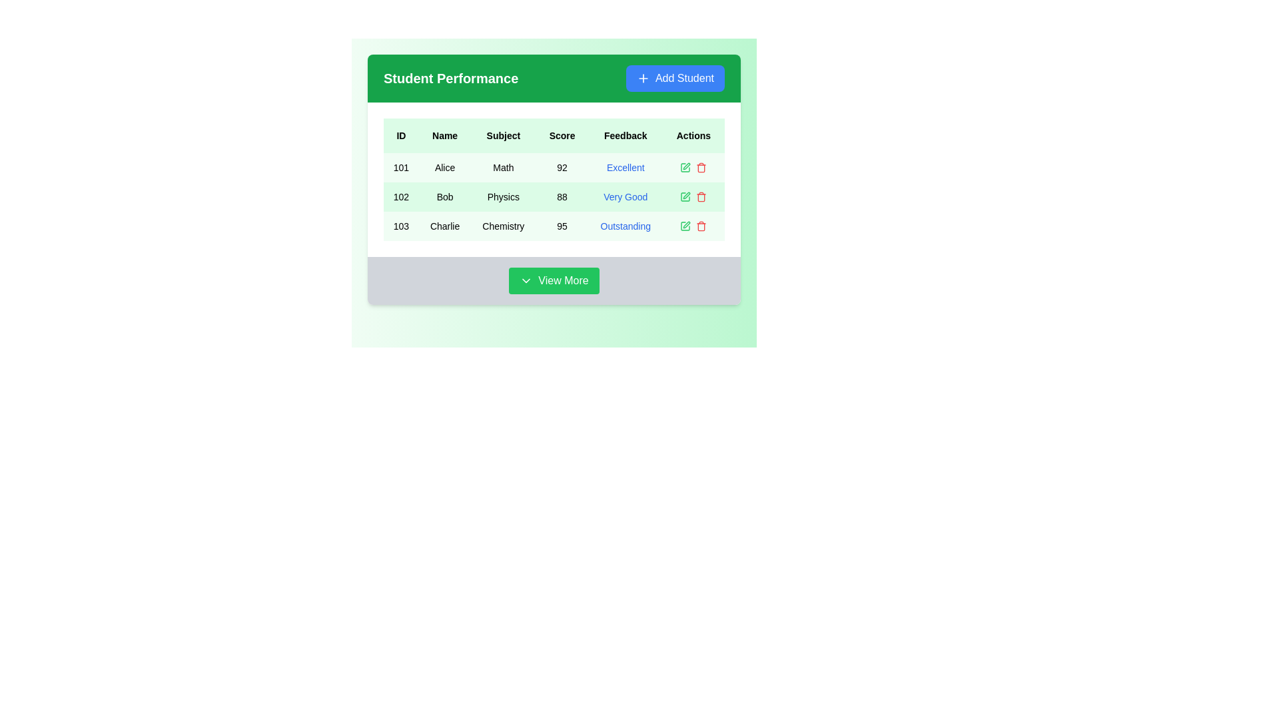  Describe the element at coordinates (445, 197) in the screenshot. I see `the static text content 'Bob' located in the second row of the table under the 'Name' column` at that location.